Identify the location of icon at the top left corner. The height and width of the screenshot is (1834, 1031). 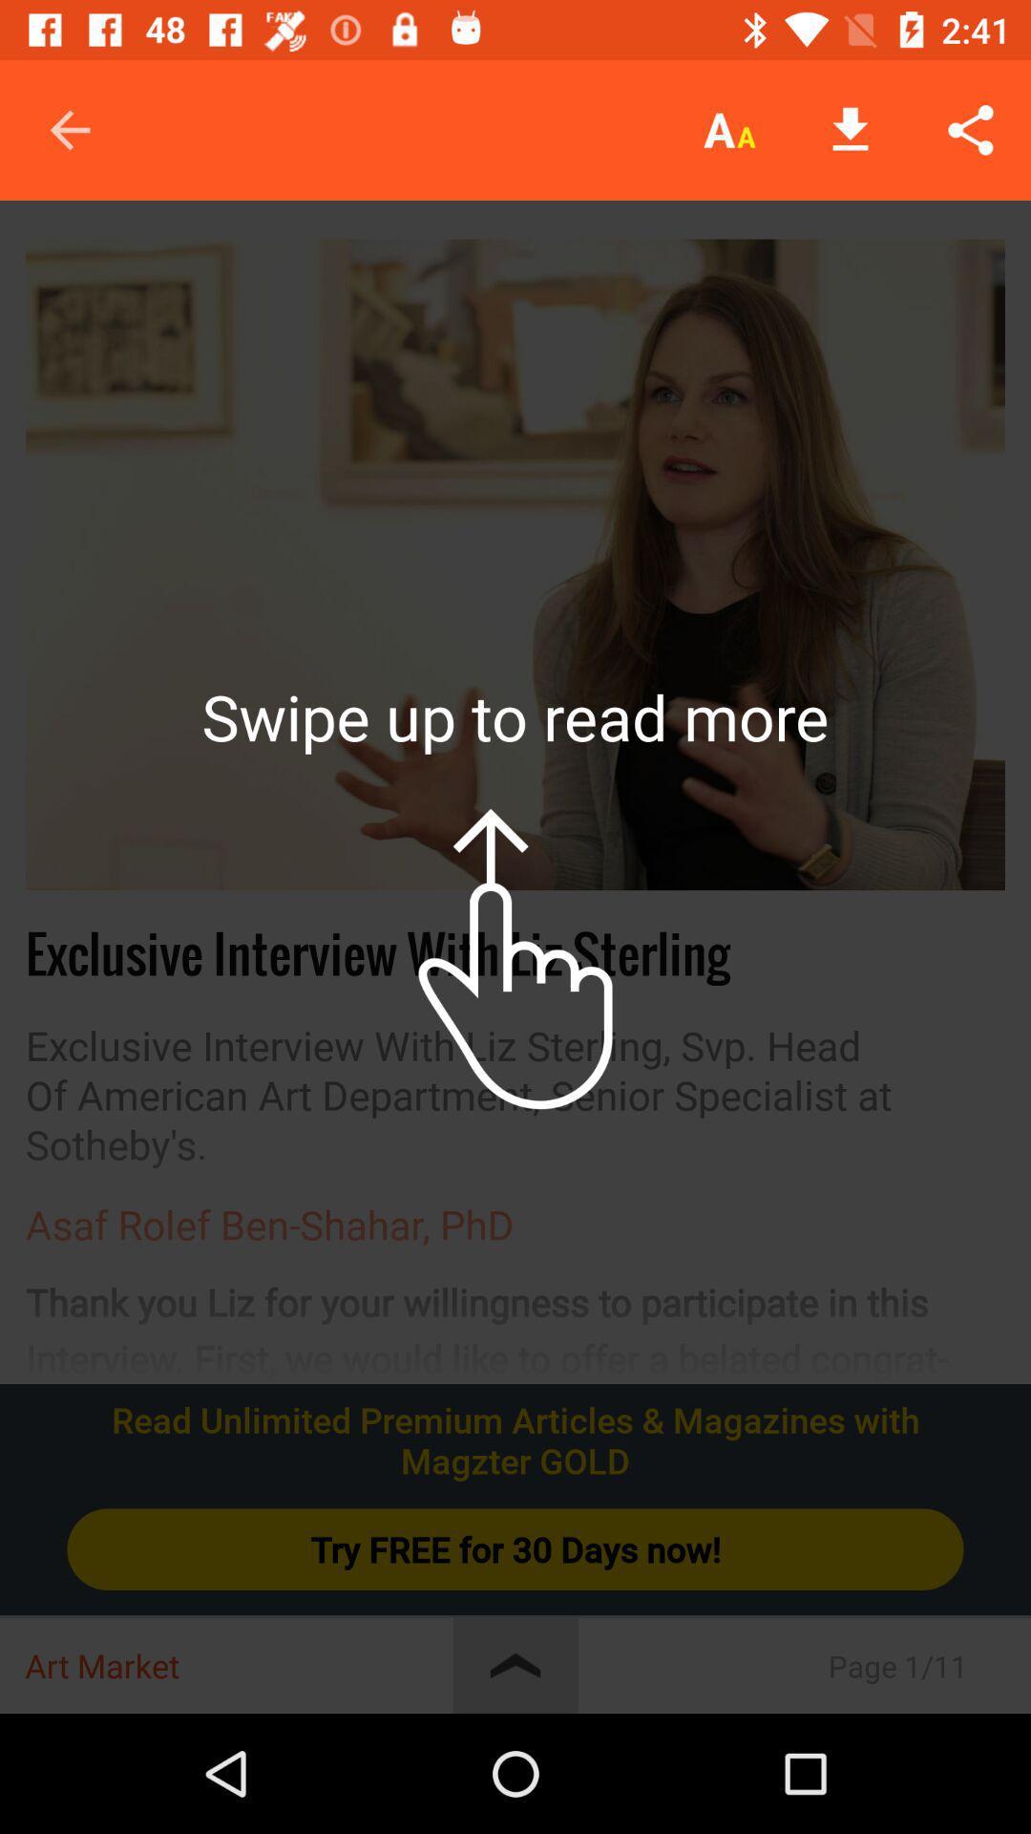
(69, 129).